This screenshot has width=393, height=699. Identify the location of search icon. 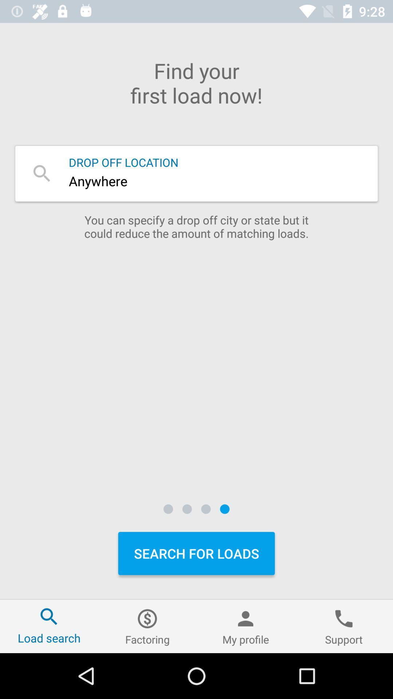
(42, 173).